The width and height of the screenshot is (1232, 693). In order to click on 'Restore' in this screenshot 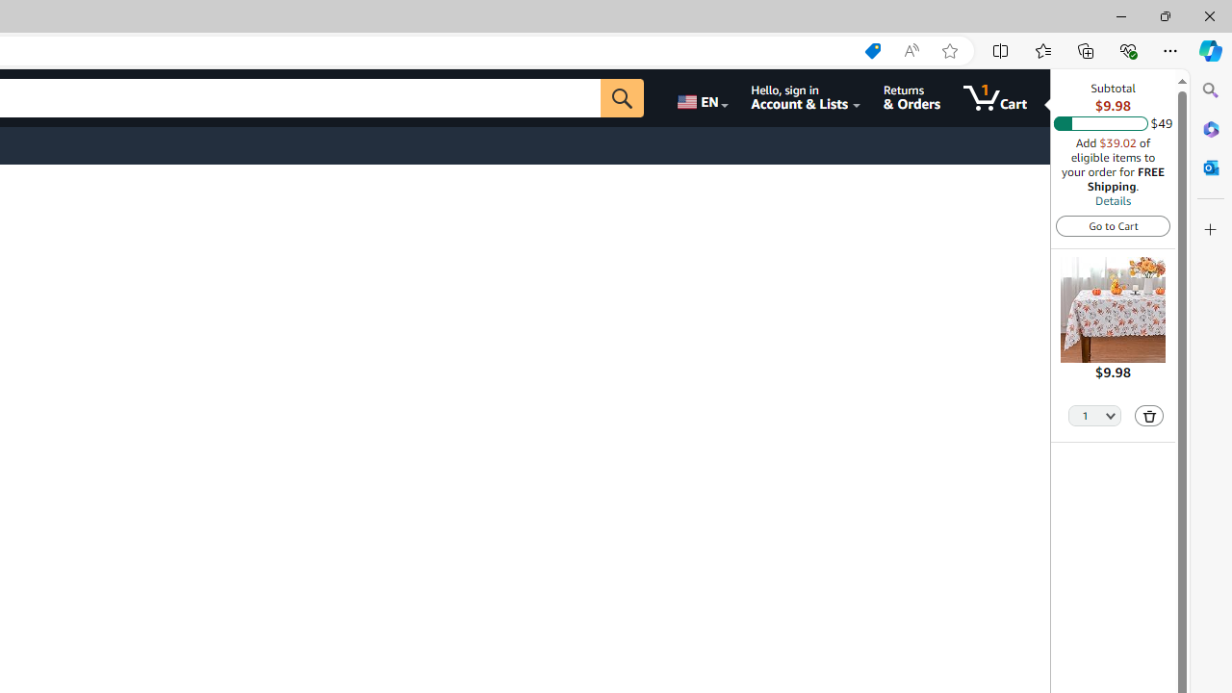, I will do `click(1164, 15)`.